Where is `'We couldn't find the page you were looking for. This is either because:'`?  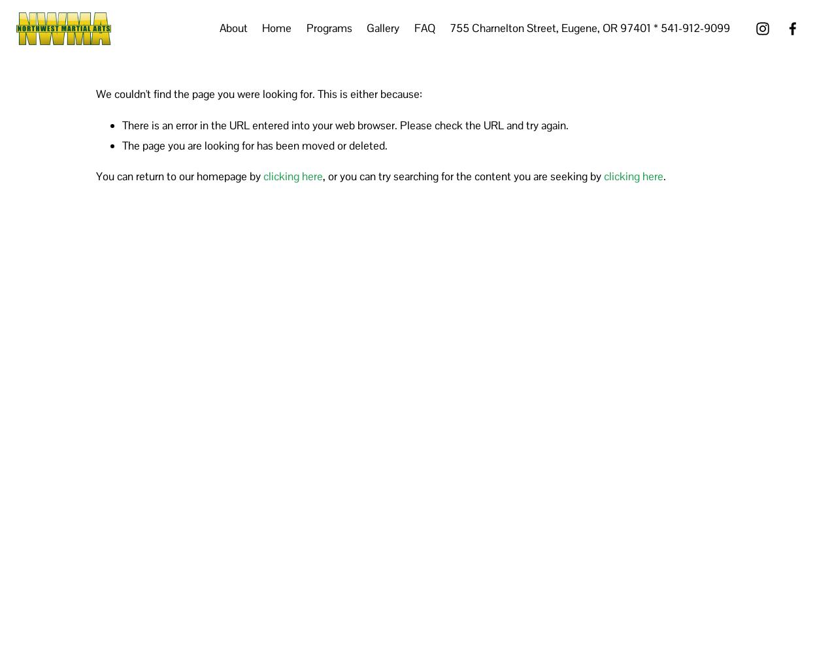 'We couldn't find the page you were looking for. This is either because:' is located at coordinates (259, 94).